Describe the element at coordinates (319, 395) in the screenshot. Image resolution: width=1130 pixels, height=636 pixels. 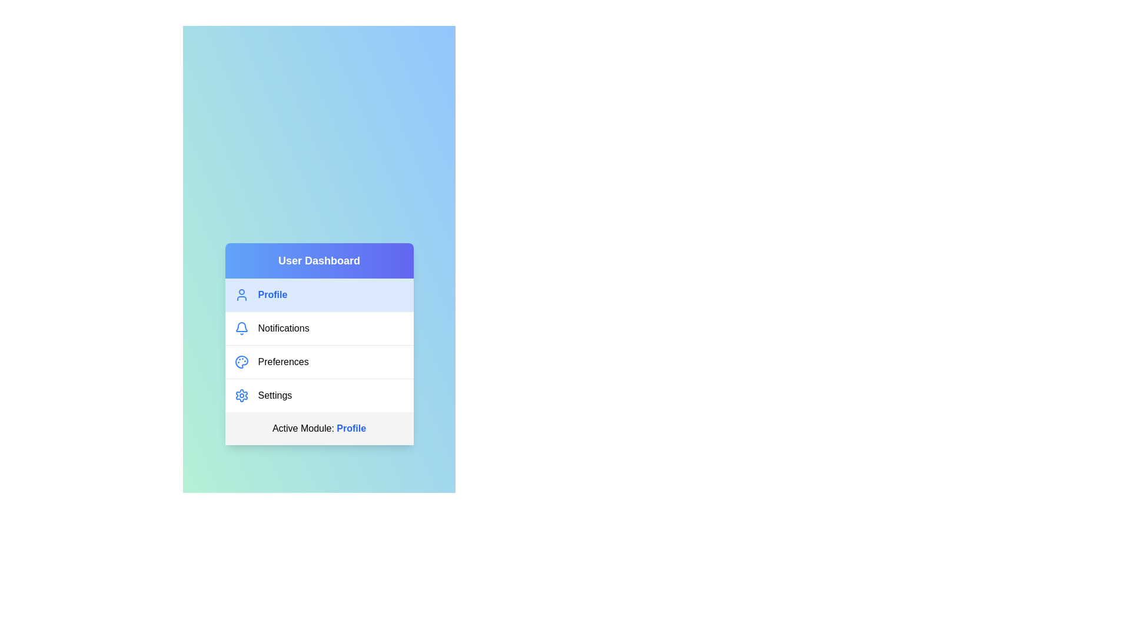
I see `the menu item corresponding to Settings` at that location.